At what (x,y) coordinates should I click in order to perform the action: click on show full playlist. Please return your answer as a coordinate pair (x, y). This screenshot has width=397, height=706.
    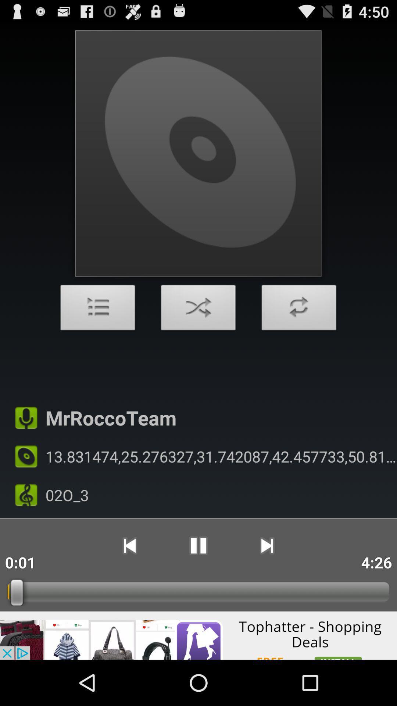
    Looking at the image, I should click on (97, 310).